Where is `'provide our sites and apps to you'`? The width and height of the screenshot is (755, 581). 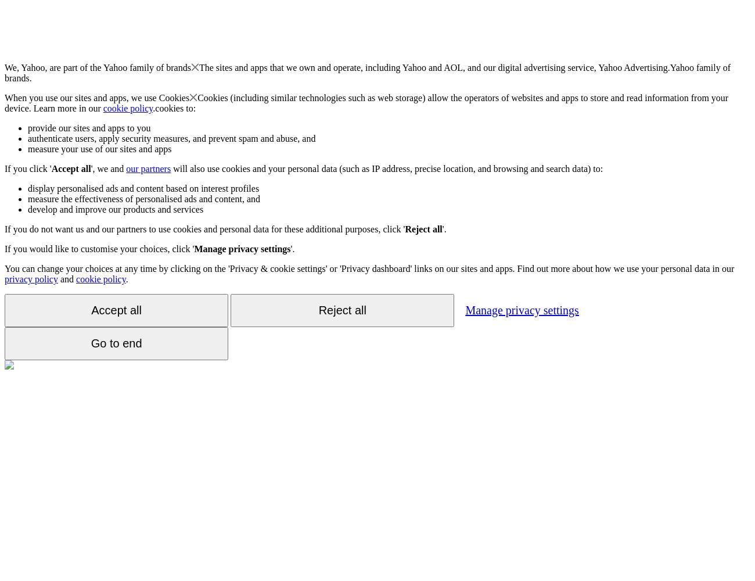
'provide our sites and apps to you' is located at coordinates (88, 127).